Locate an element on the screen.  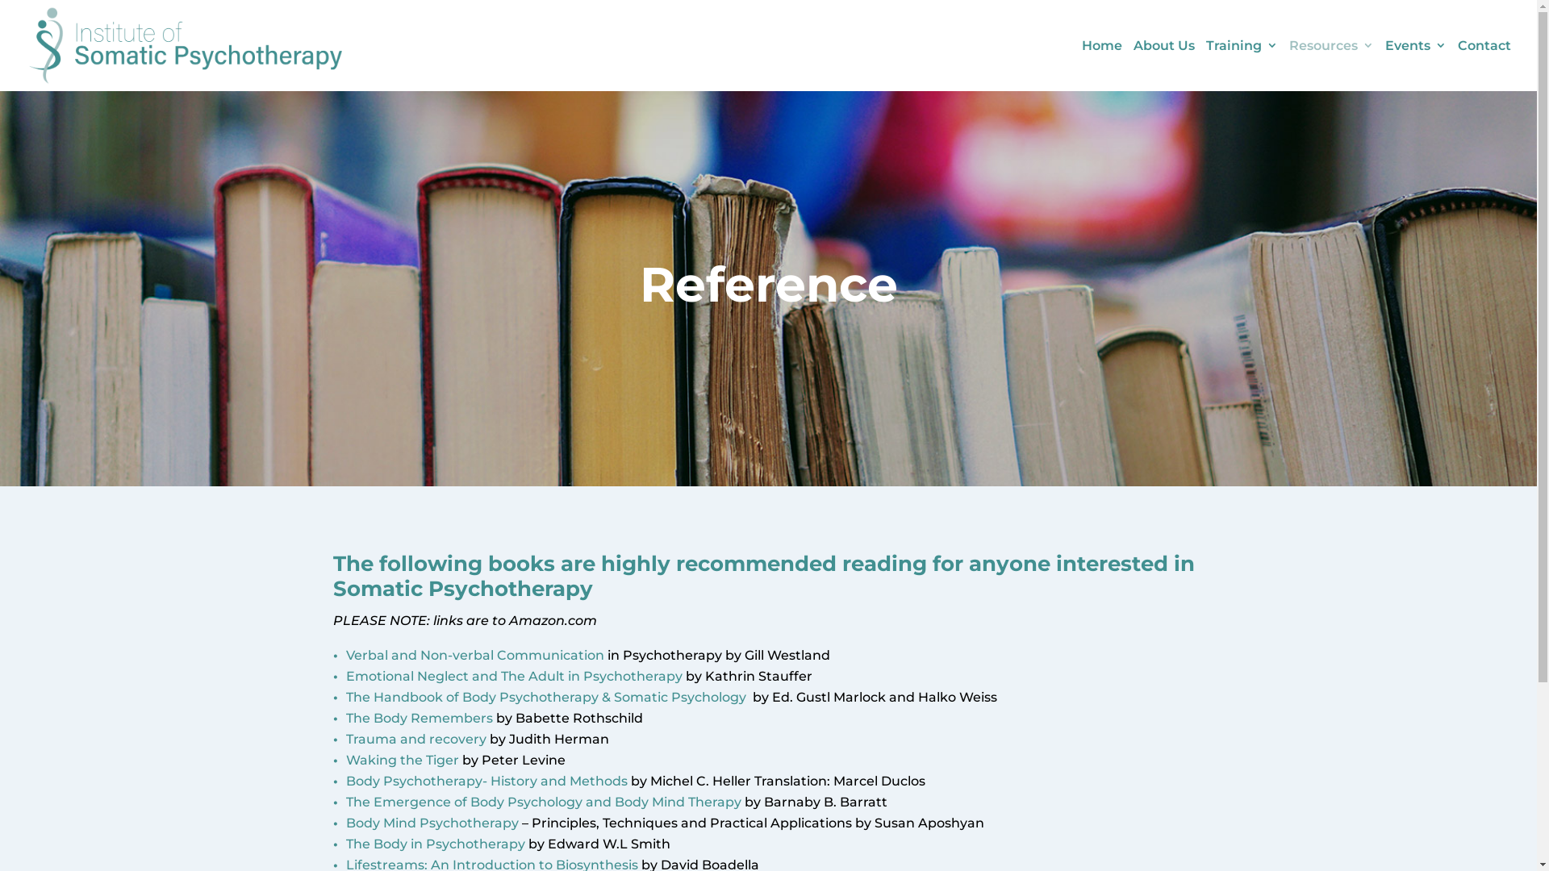
'Resources' is located at coordinates (1288, 65).